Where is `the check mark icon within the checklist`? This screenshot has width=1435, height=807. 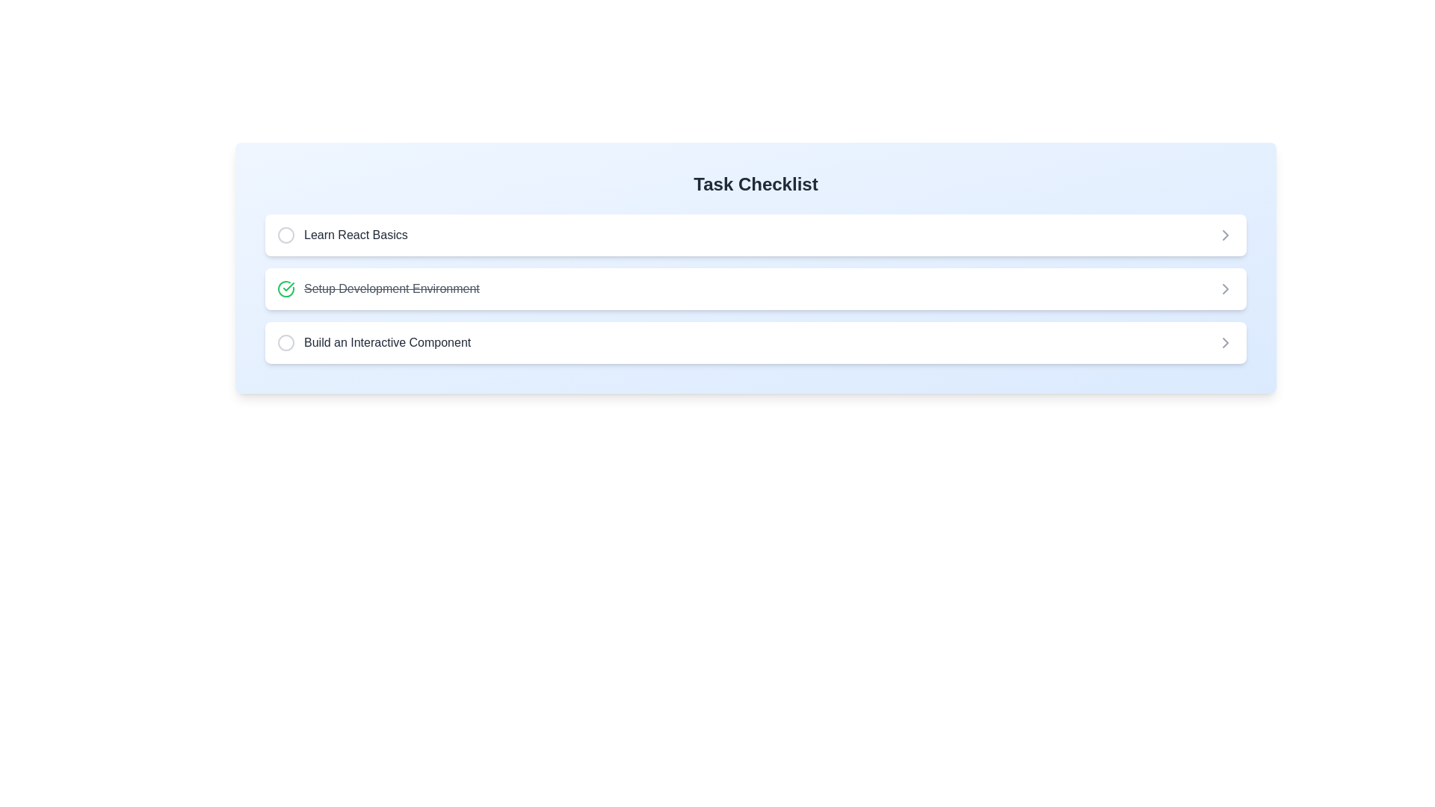
the check mark icon within the checklist is located at coordinates (286, 288).